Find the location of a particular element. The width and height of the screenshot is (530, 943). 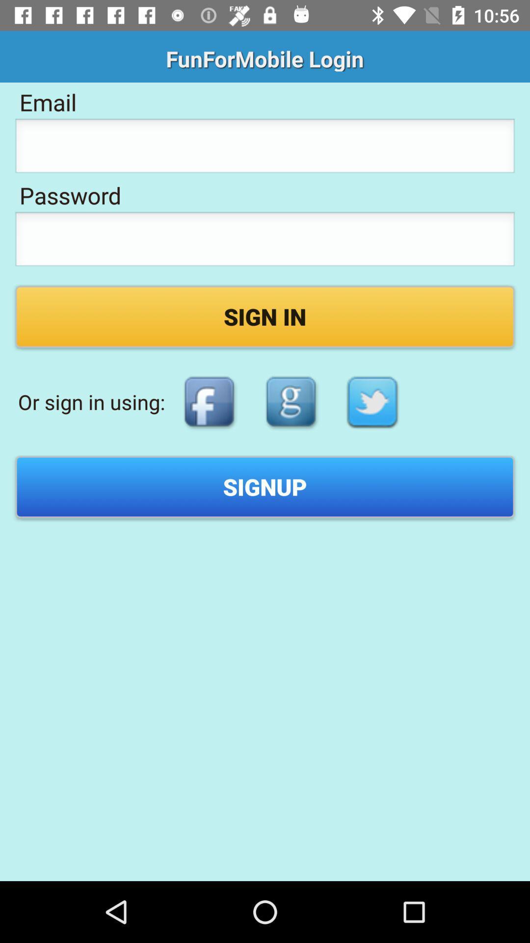

button above signup icon is located at coordinates (291, 402).